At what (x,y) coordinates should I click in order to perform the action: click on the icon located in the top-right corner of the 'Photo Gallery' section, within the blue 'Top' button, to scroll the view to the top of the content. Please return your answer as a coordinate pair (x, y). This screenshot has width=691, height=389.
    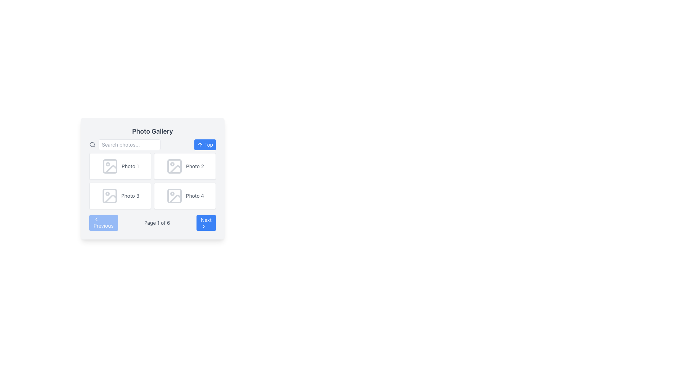
    Looking at the image, I should click on (200, 144).